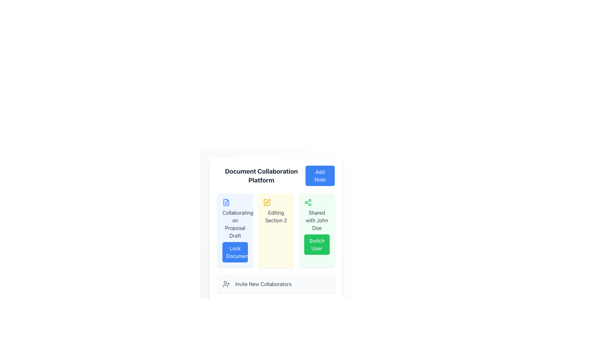 This screenshot has width=611, height=344. What do you see at coordinates (226, 283) in the screenshot?
I see `the user figure icon with a plus sign located in the bottom left corner of the 'Invite New Collaborators' section` at bounding box center [226, 283].